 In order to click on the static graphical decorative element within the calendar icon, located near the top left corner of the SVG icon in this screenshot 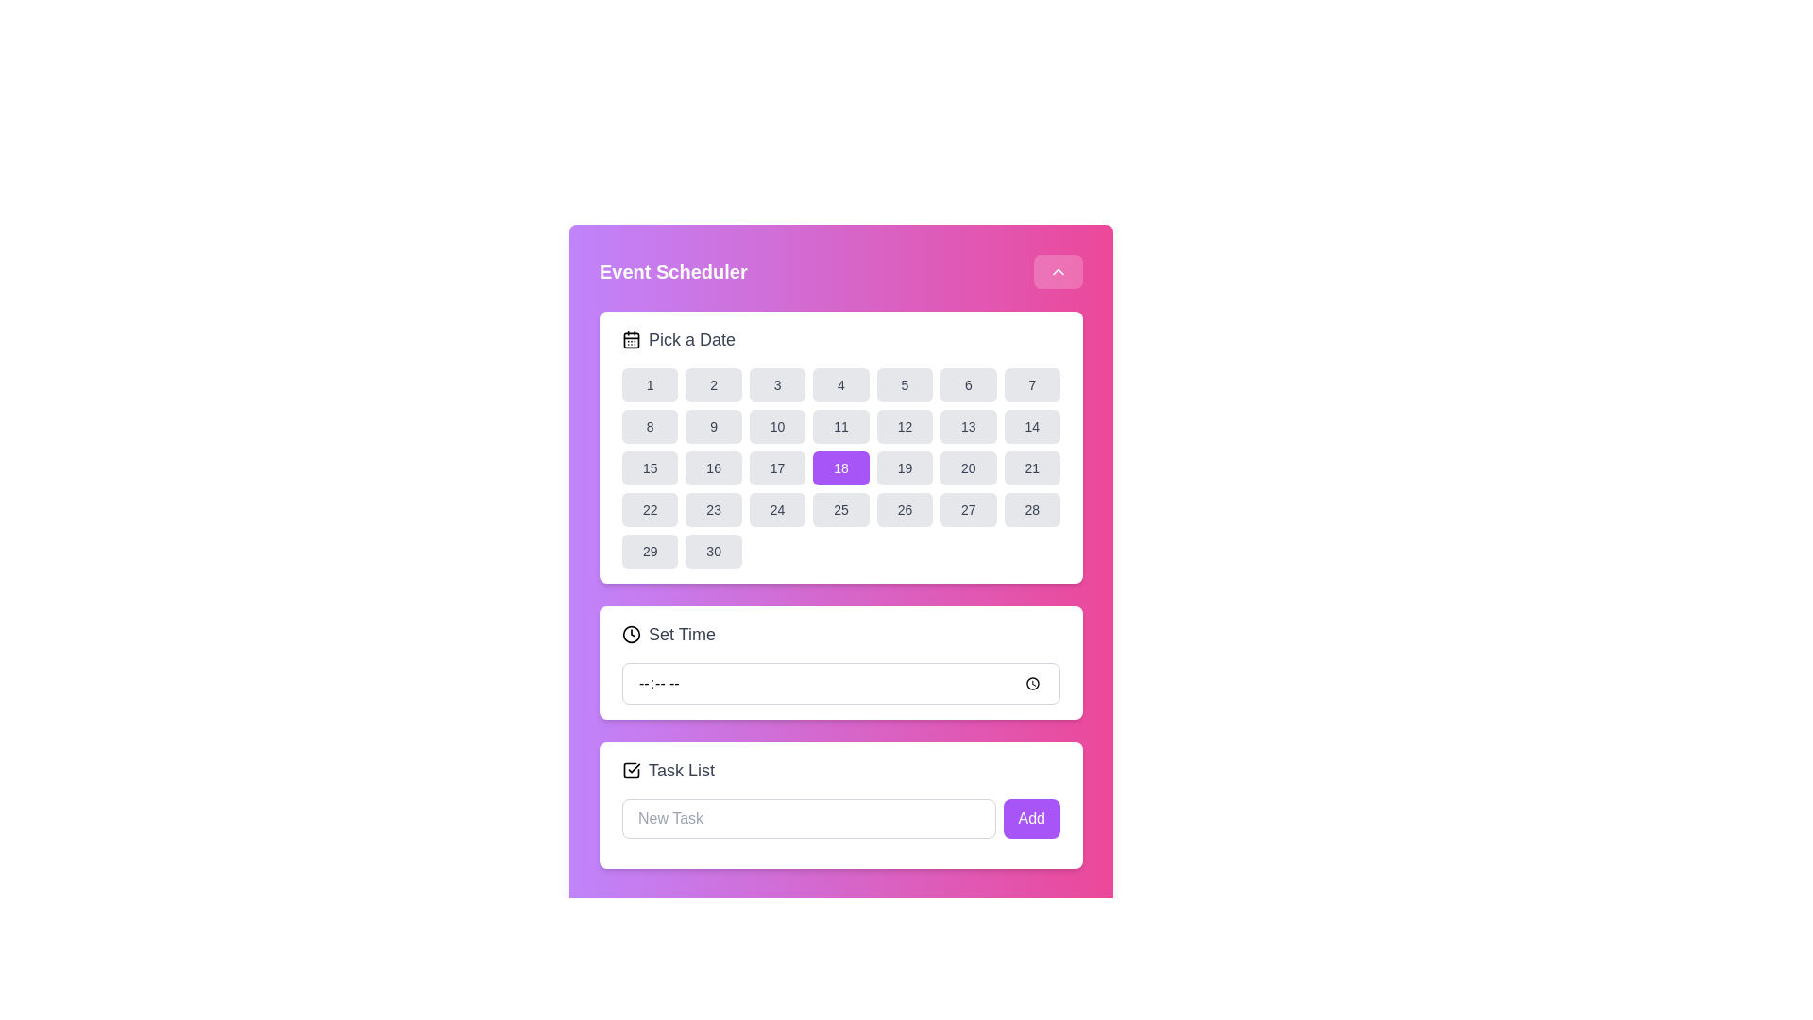, I will do `click(631, 338)`.